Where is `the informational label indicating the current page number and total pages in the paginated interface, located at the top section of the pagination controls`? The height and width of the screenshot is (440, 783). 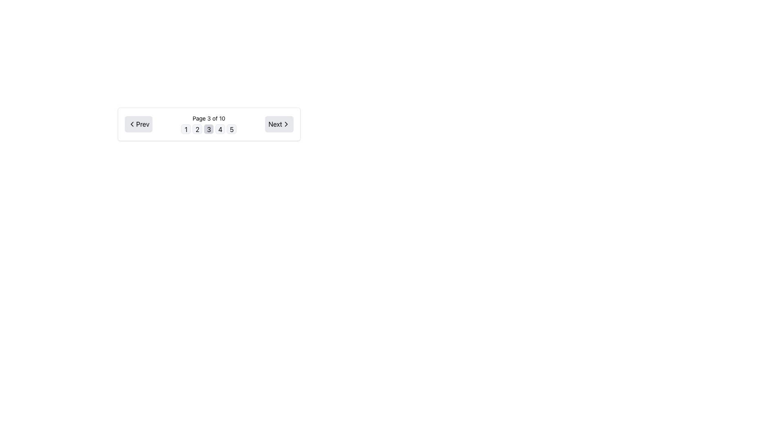
the informational label indicating the current page number and total pages in the paginated interface, located at the top section of the pagination controls is located at coordinates (209, 118).